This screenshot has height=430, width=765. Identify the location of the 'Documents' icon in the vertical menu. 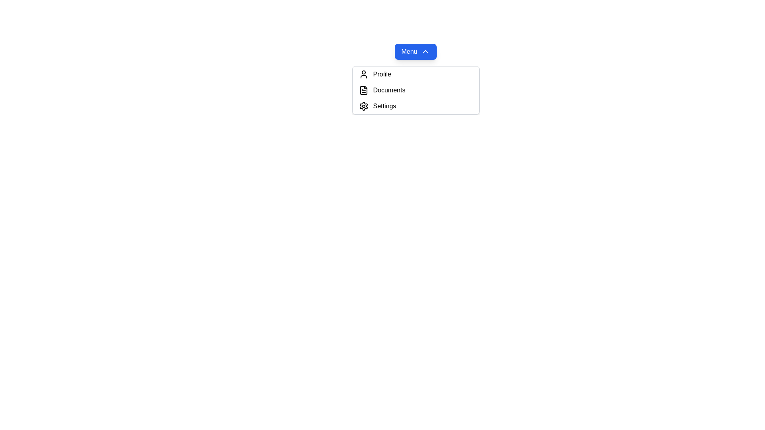
(363, 90).